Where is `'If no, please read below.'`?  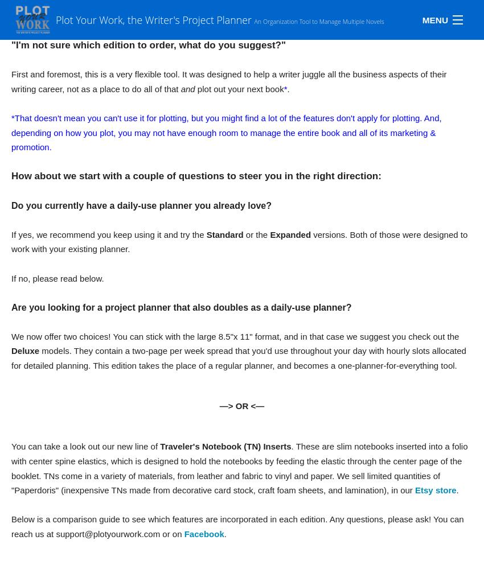
'If no, please read below.' is located at coordinates (56, 277).